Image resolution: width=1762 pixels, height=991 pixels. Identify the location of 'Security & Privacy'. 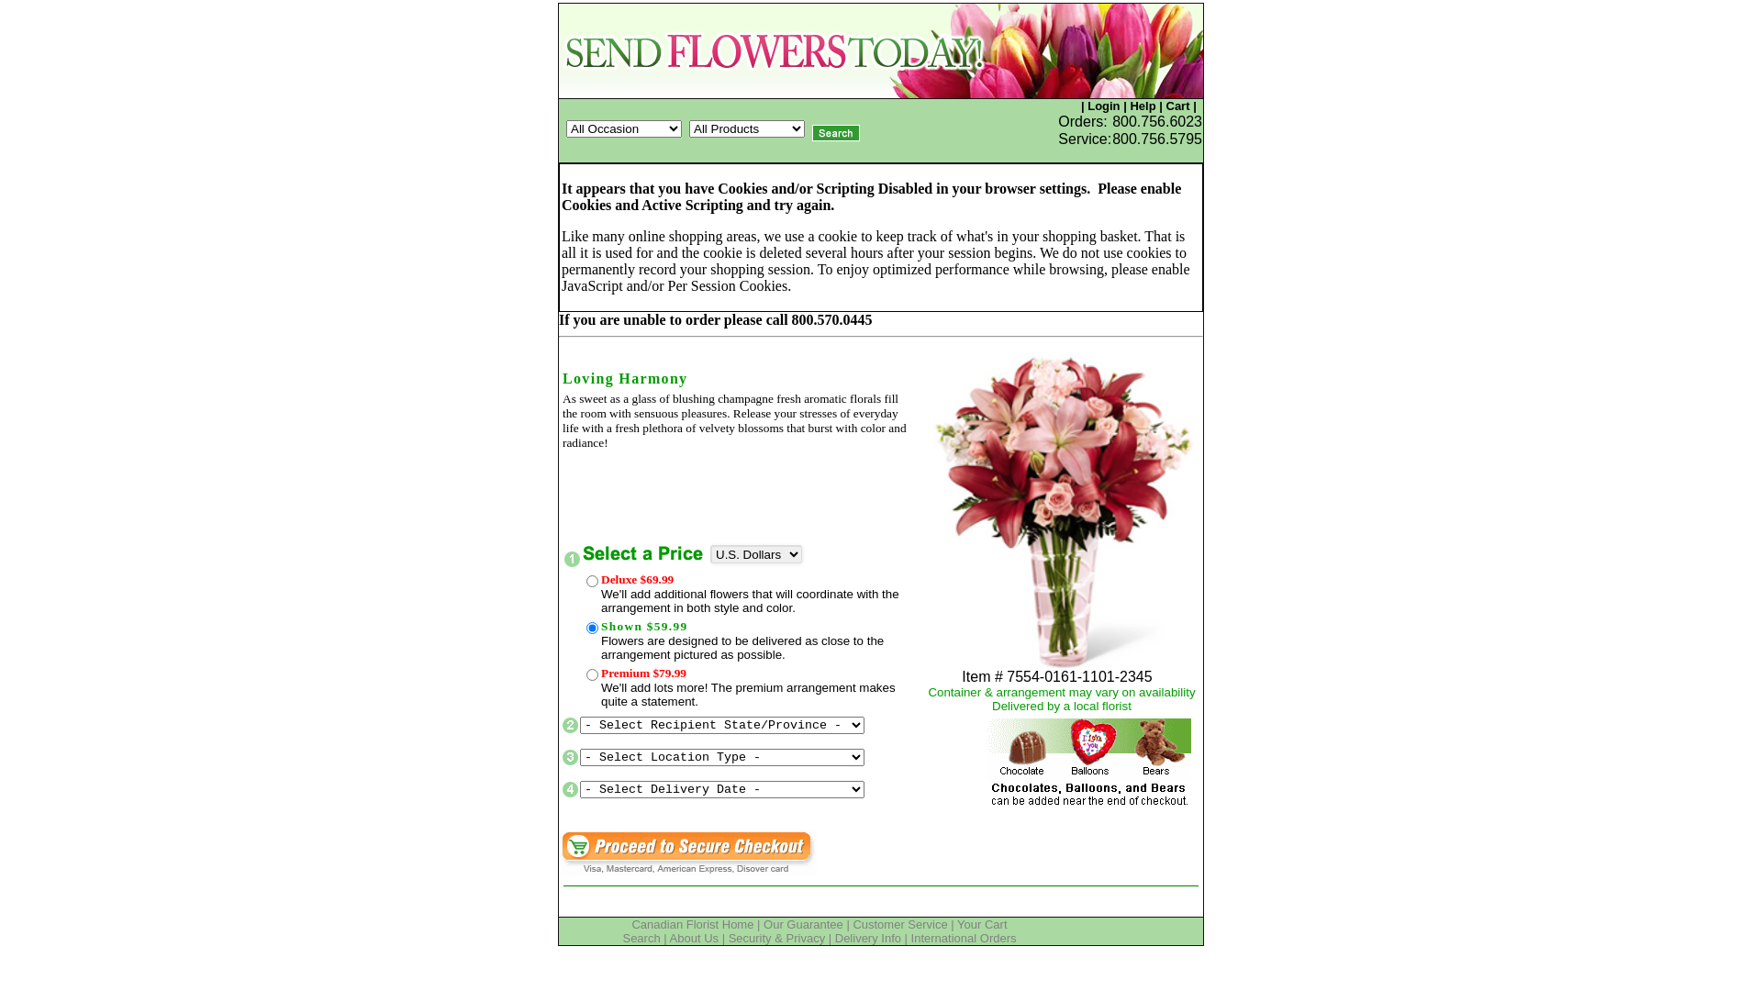
(776, 938).